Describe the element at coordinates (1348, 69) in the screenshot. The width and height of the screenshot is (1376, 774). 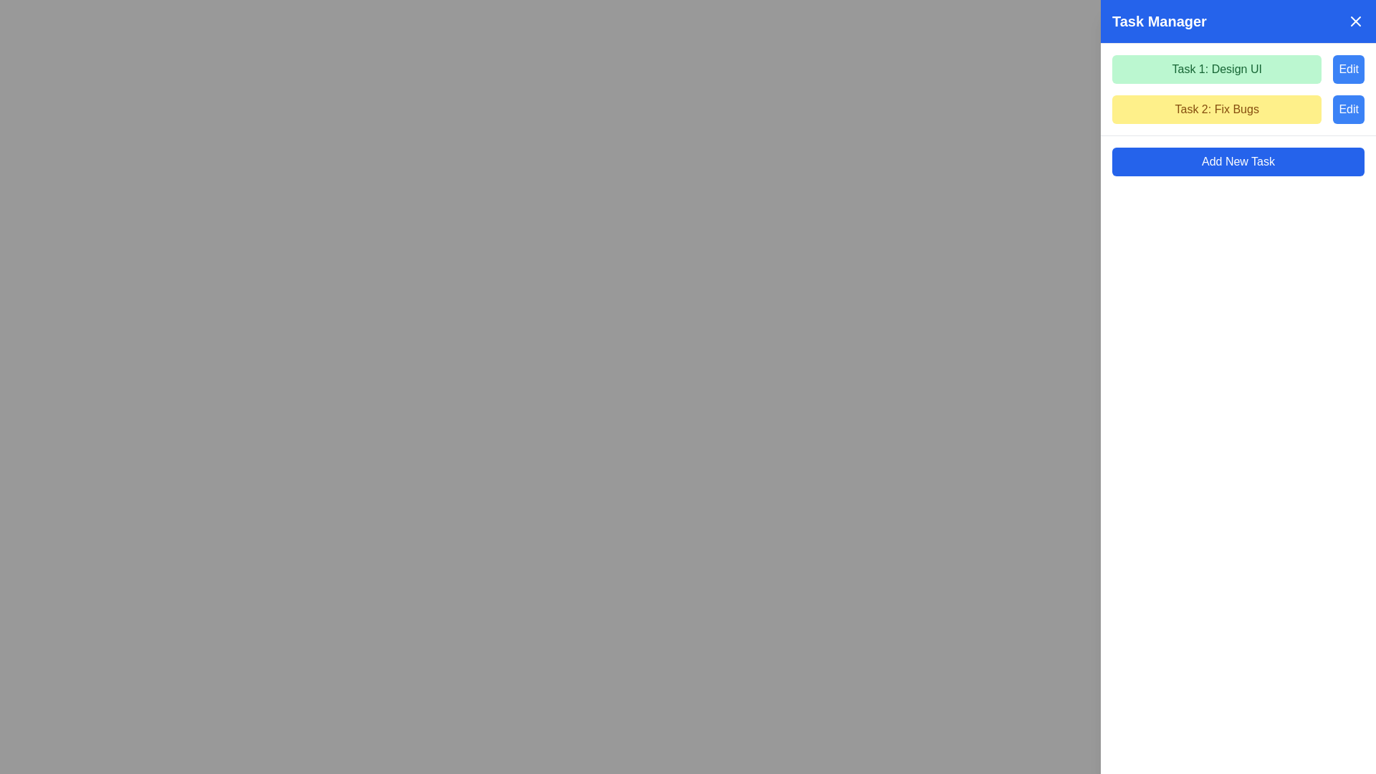
I see `the edit button for the task labeled 'Task 1: Design UI' located at the far-right edge of the task list in the 'Task Manager' panel to initiate the edit action` at that location.